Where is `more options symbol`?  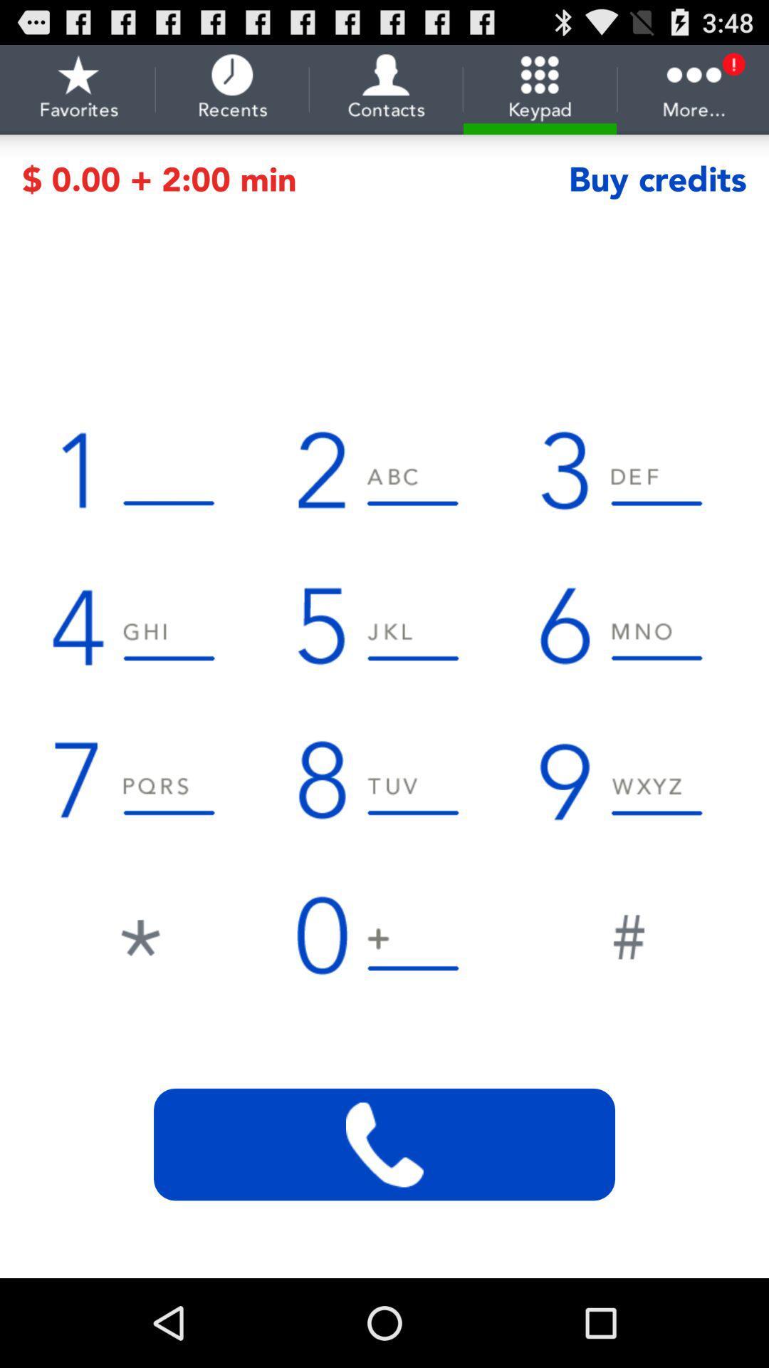 more options symbol is located at coordinates (694, 88).